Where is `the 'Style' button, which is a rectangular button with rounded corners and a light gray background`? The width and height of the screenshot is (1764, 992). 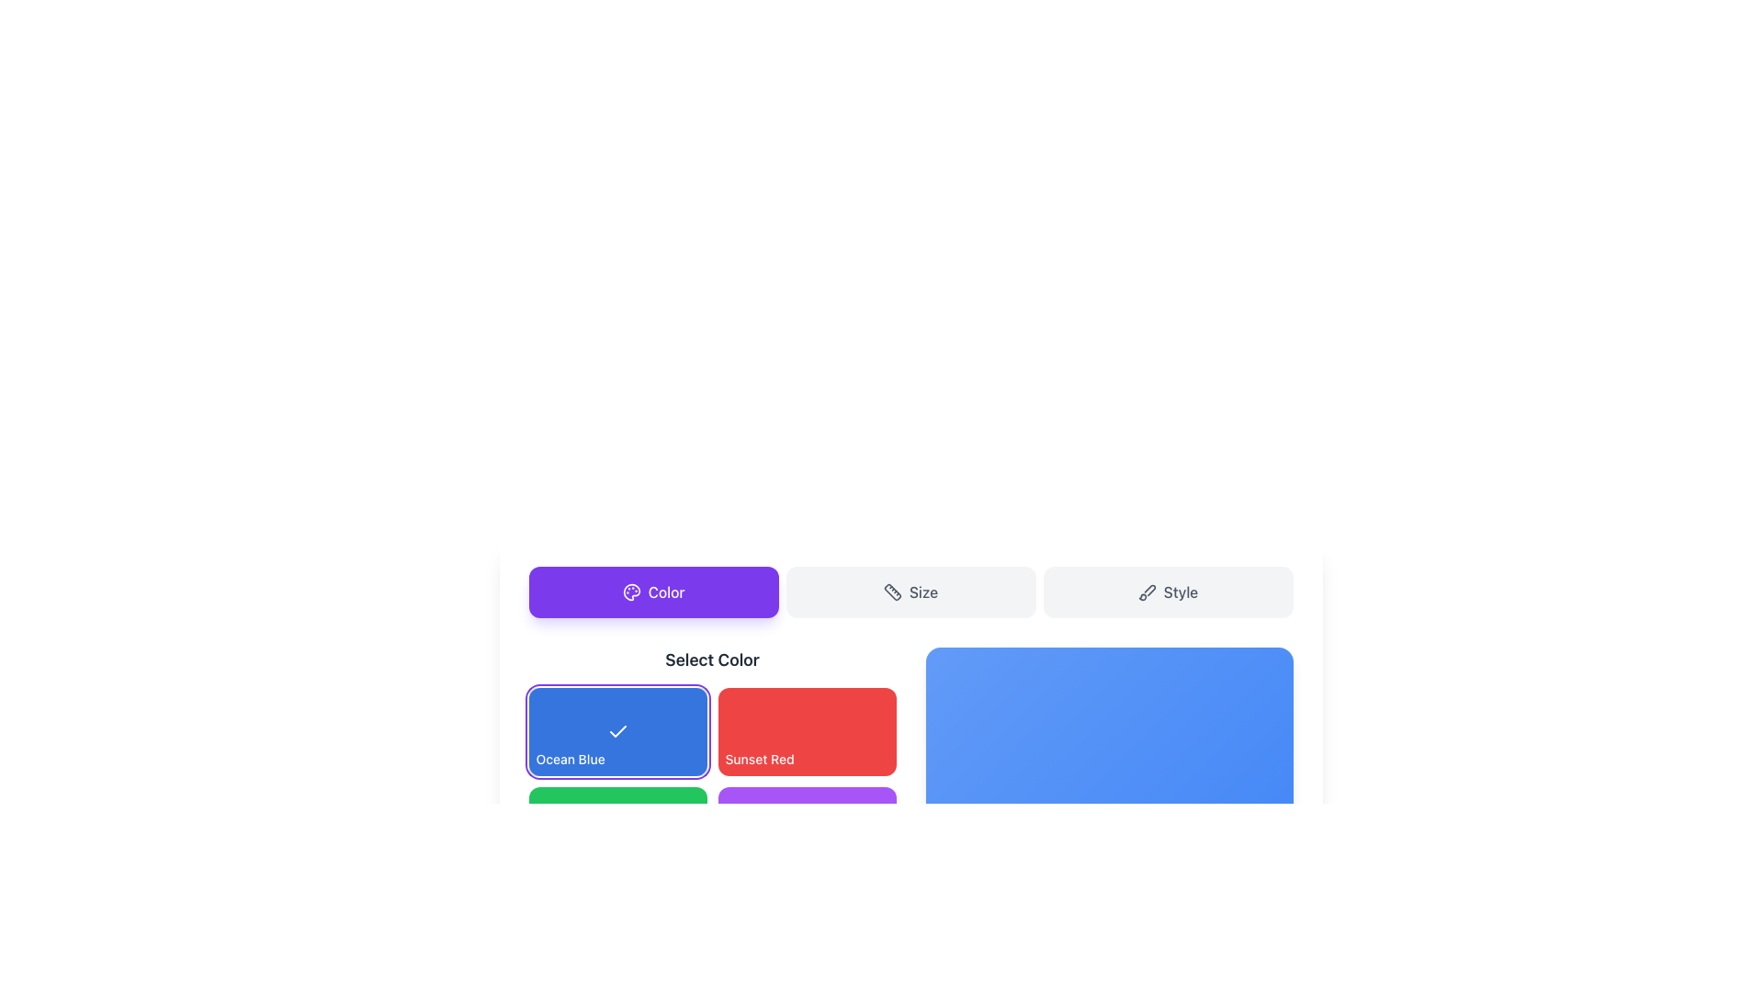
the 'Style' button, which is a rectangular button with rounded corners and a light gray background is located at coordinates (1167, 592).